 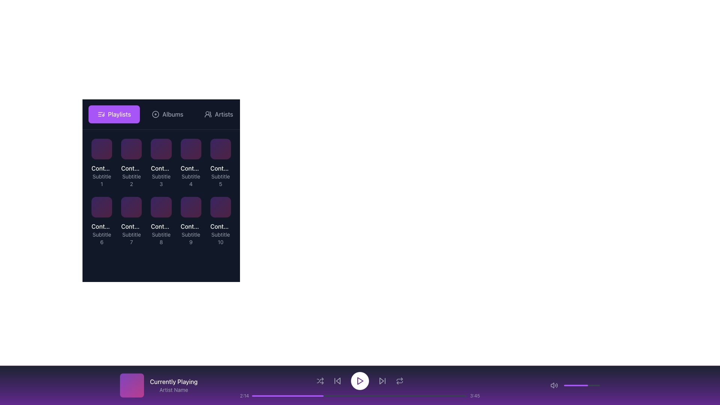 I want to click on the static text label reading 'Subtitle 1', which is styled in gray and located beneath 'Content Title 1' within the grid layout, so click(x=101, y=180).